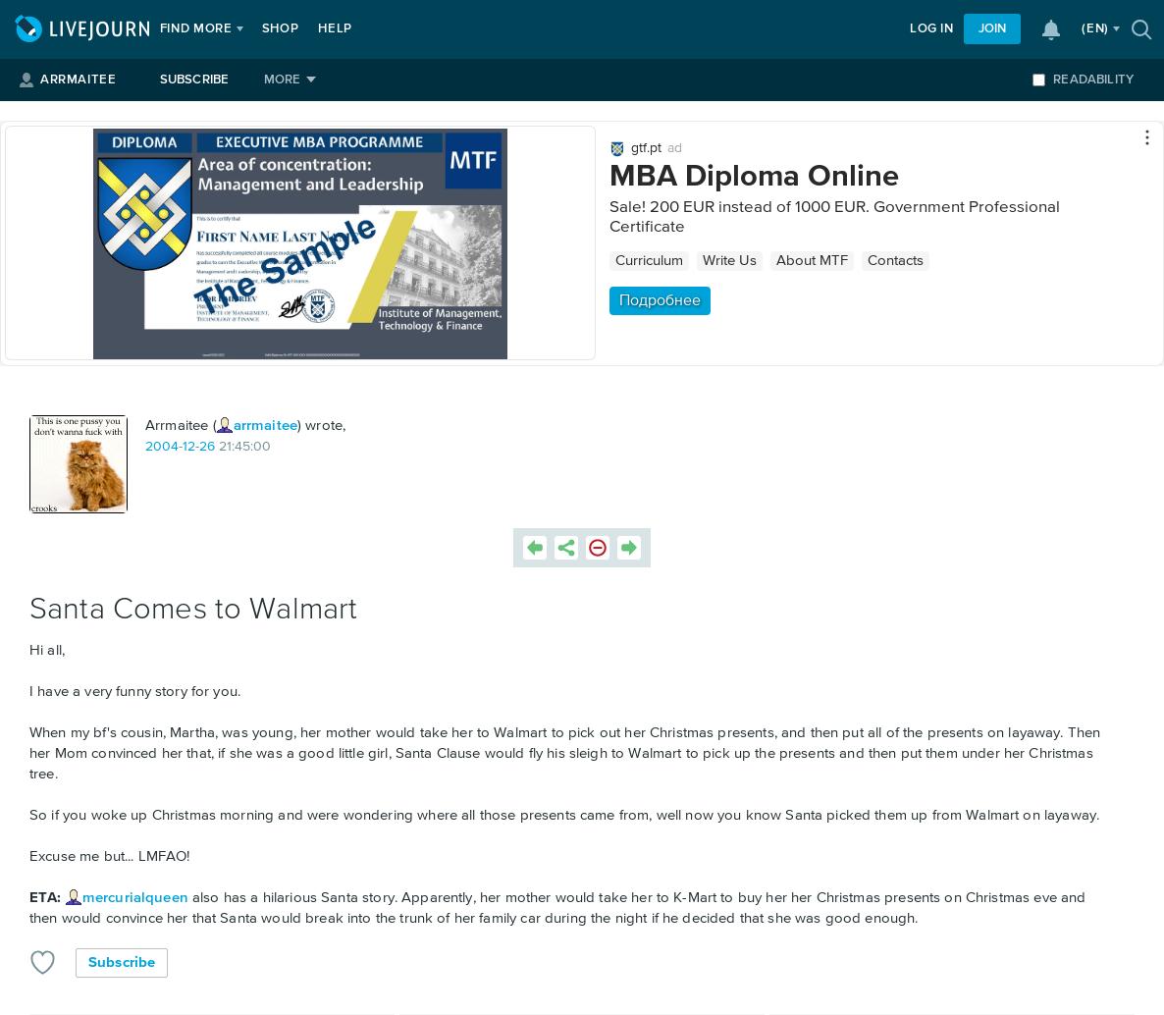 Image resolution: width=1164 pixels, height=1015 pixels. What do you see at coordinates (109, 855) in the screenshot?
I see `'Excuse me but... LMFAO!'` at bounding box center [109, 855].